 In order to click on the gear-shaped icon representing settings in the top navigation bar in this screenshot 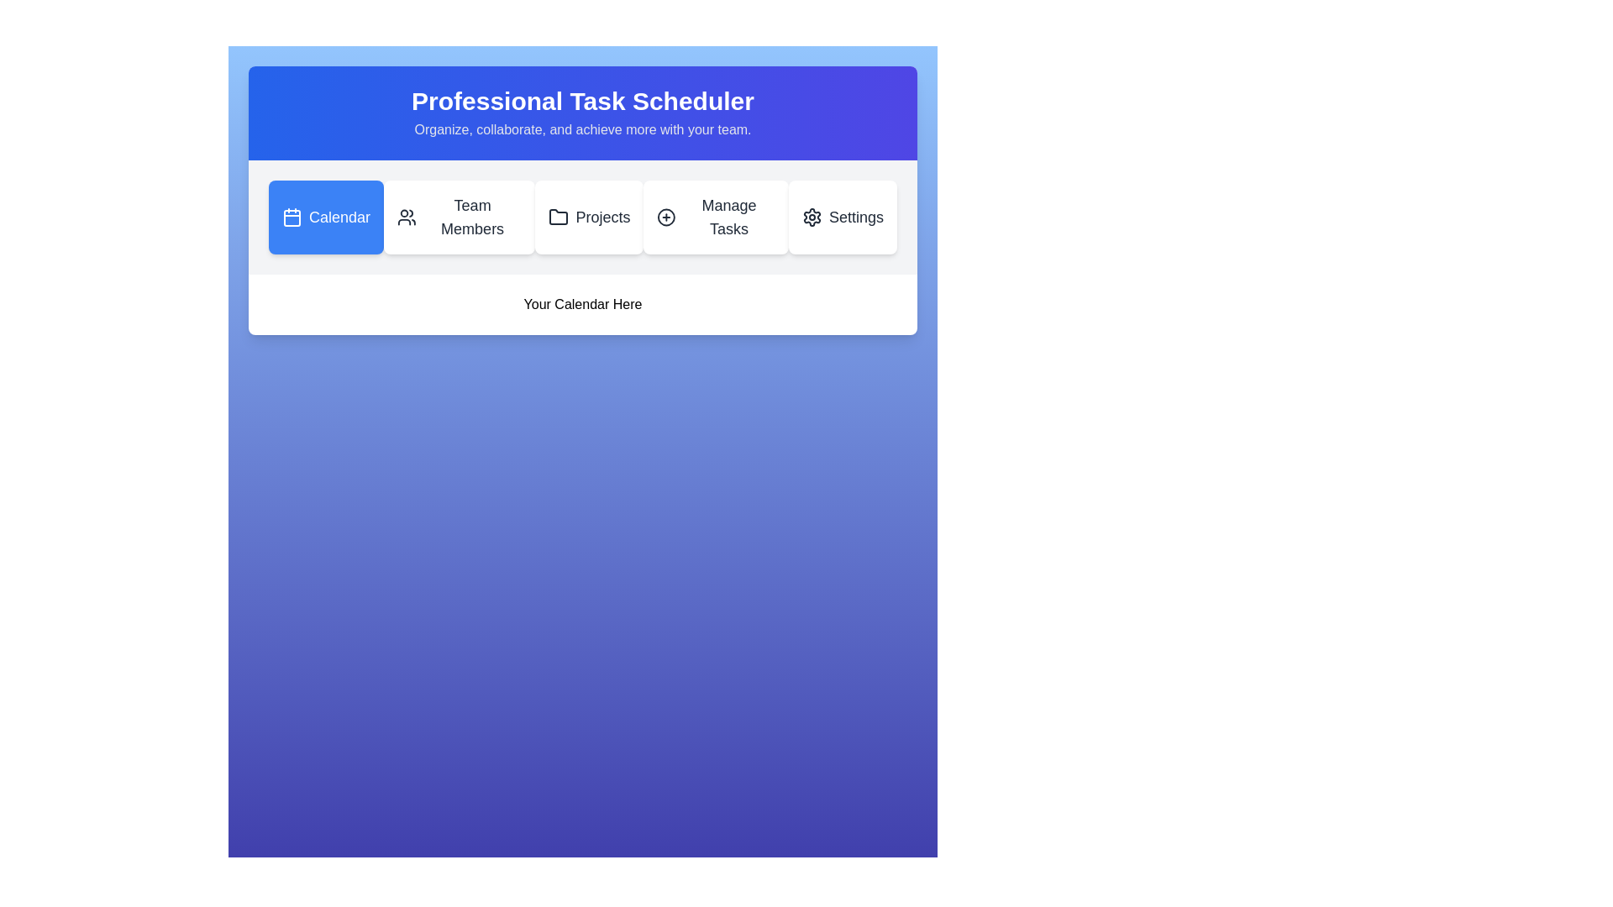, I will do `click(812, 216)`.